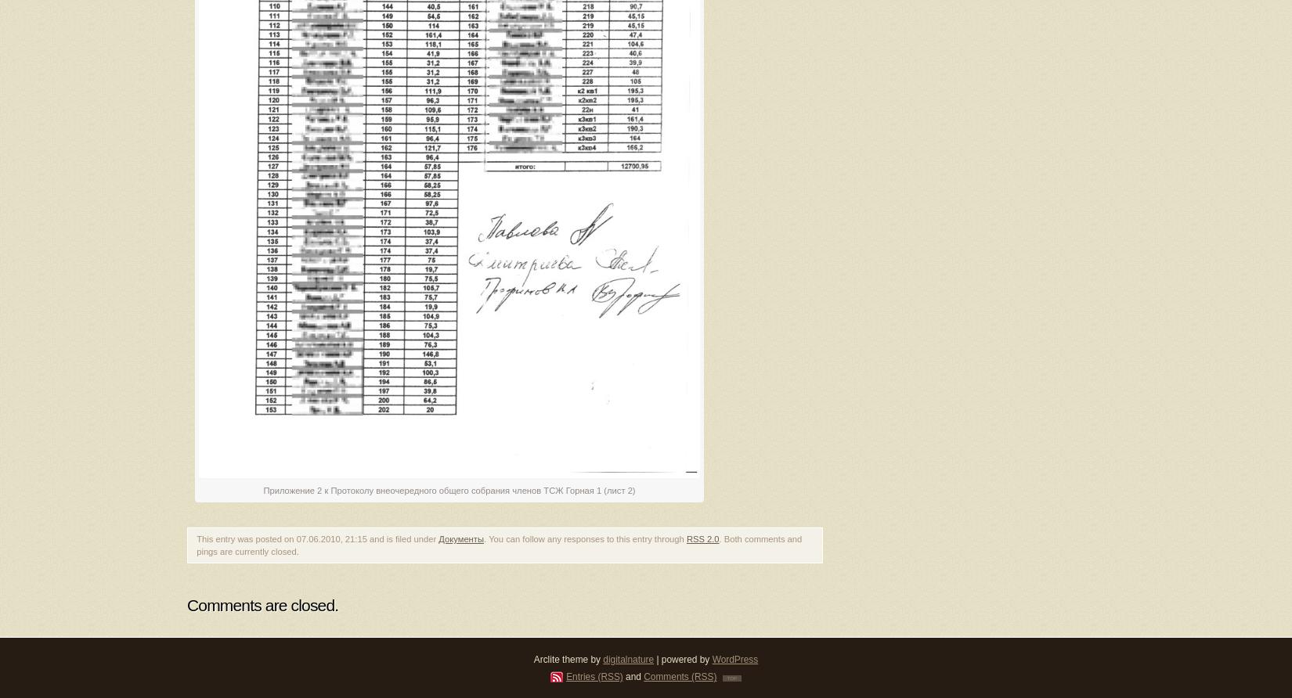 This screenshot has width=1292, height=698. What do you see at coordinates (602, 659) in the screenshot?
I see `'digitalnature'` at bounding box center [602, 659].